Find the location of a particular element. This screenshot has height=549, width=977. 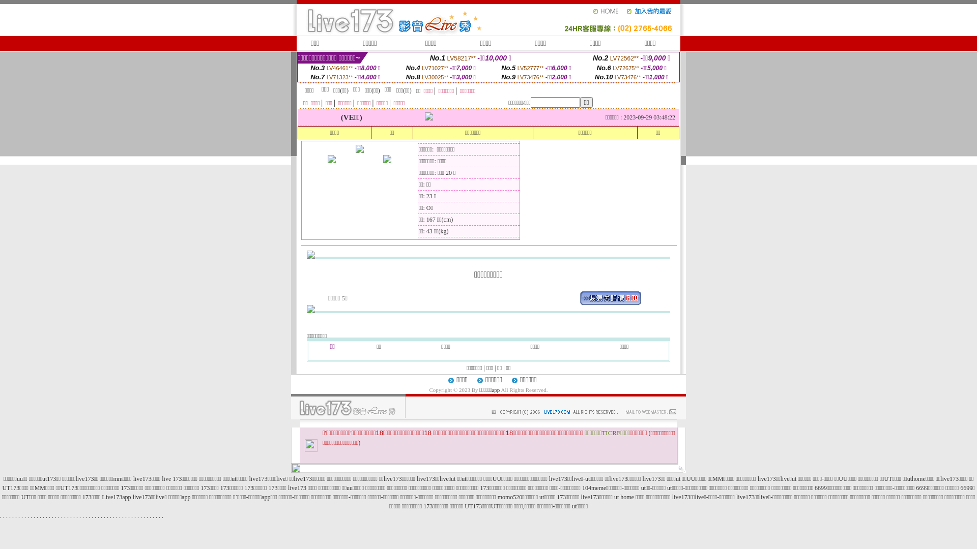

'.' is located at coordinates (16, 515).